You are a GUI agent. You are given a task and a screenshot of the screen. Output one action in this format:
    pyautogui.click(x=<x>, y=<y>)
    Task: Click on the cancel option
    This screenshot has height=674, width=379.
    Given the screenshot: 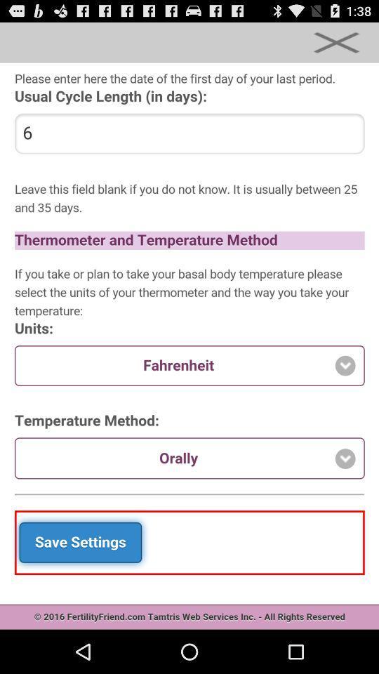 What is the action you would take?
    pyautogui.click(x=335, y=41)
    